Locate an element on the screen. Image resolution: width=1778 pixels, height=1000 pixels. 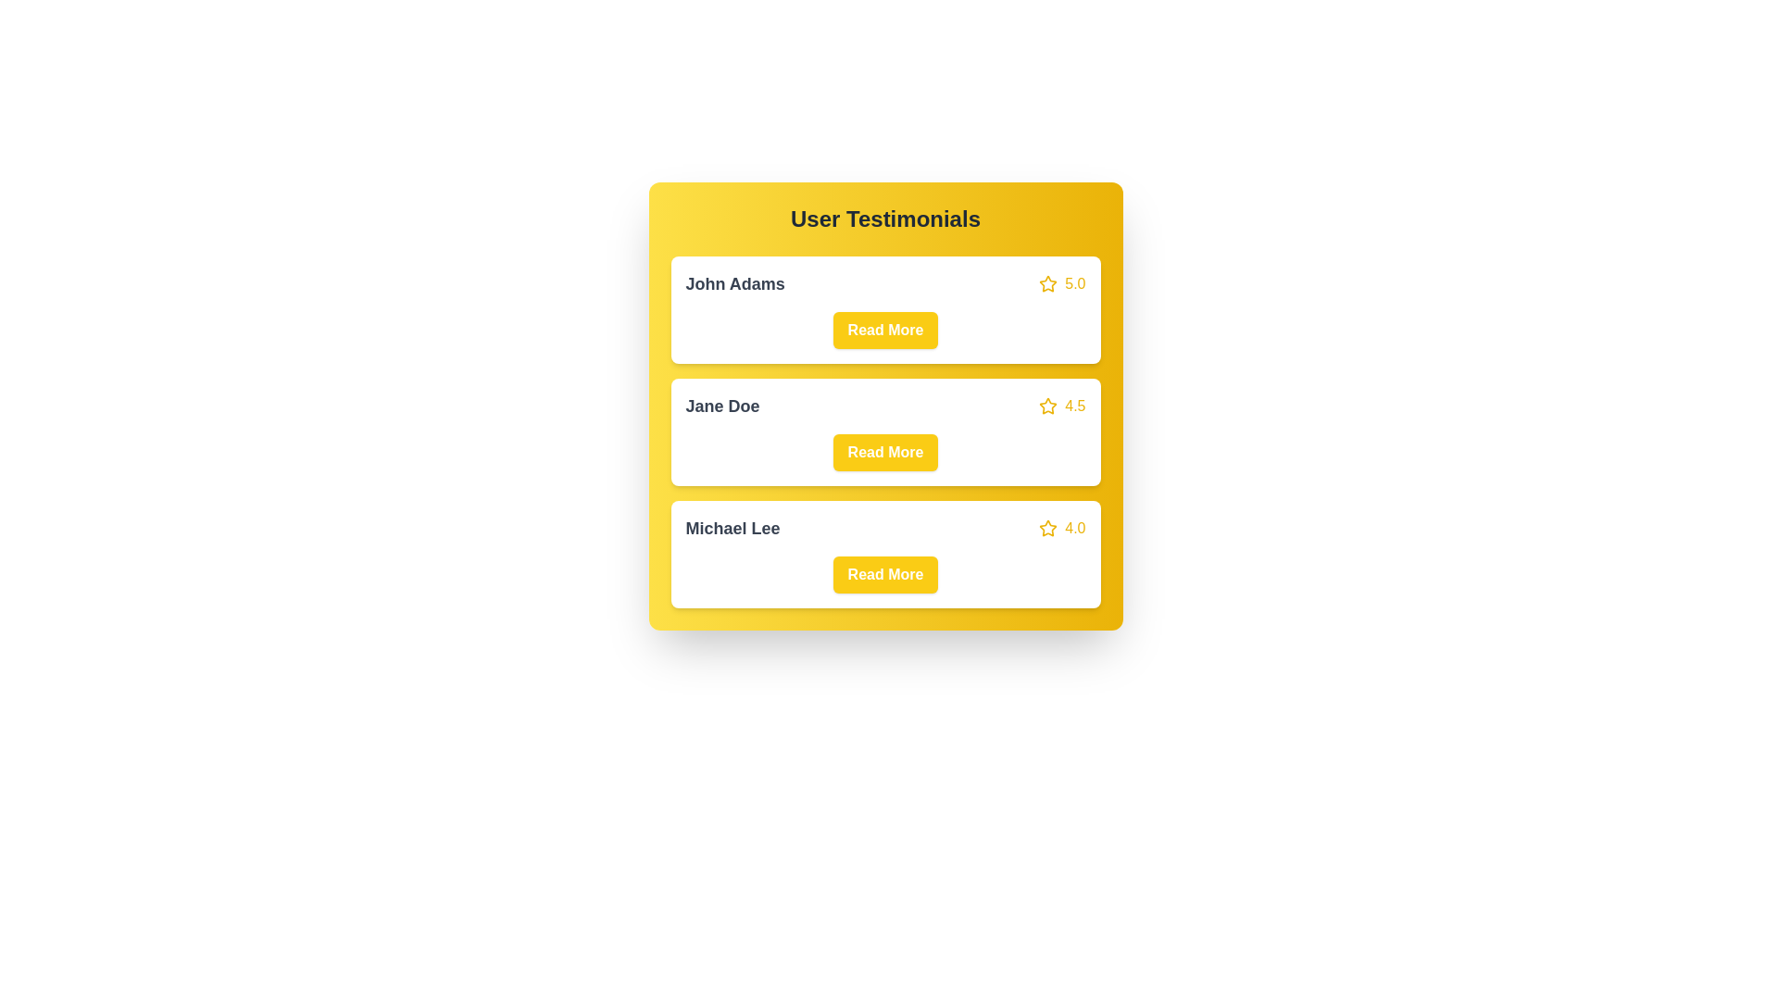
the 'Read More' button for Michael Lee to expand or collapse the review is located at coordinates (884, 574).